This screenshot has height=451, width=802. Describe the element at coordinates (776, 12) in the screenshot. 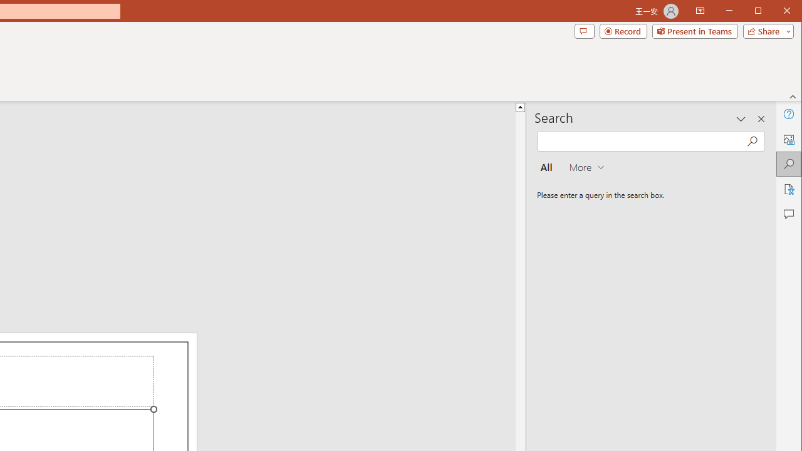

I see `'Maximize'` at that location.